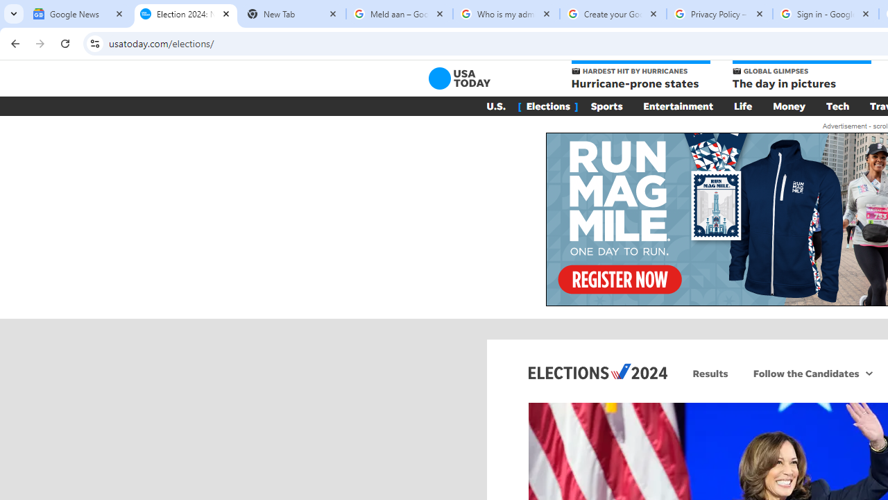  I want to click on 'U.S.', so click(495, 106).